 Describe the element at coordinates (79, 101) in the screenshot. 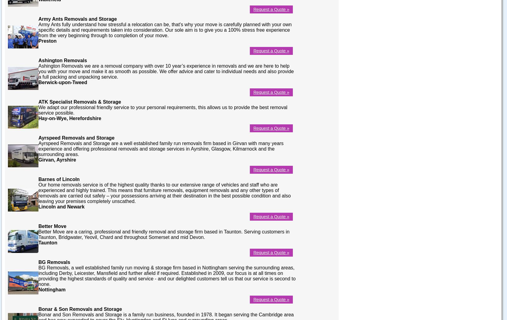

I see `'ATK Specialist Removals & Storage'` at that location.